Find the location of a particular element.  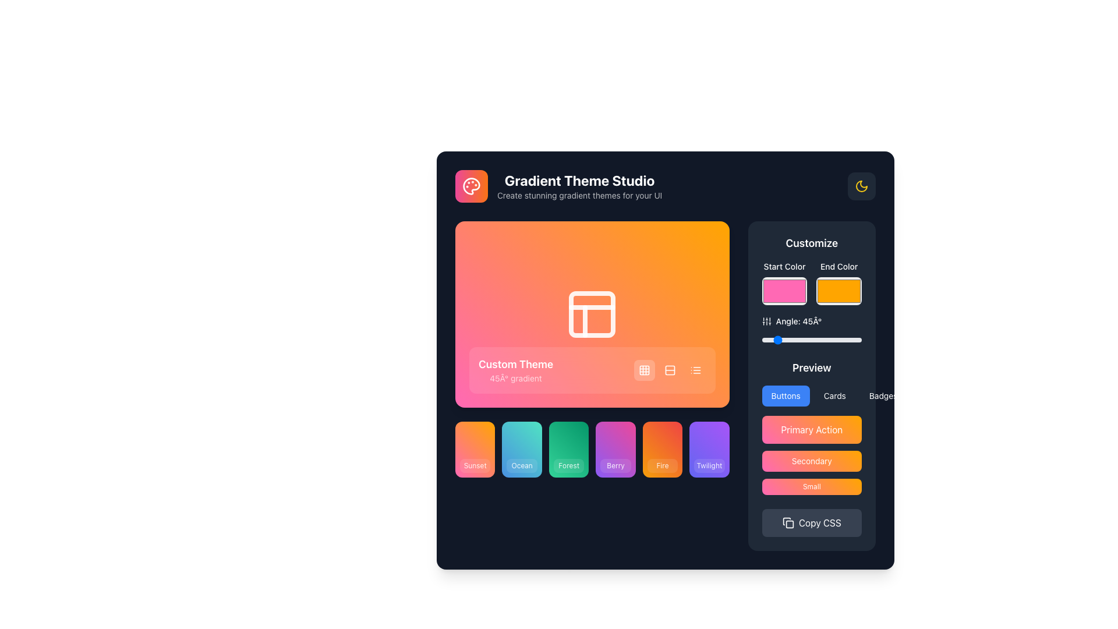

angle is located at coordinates (820, 340).